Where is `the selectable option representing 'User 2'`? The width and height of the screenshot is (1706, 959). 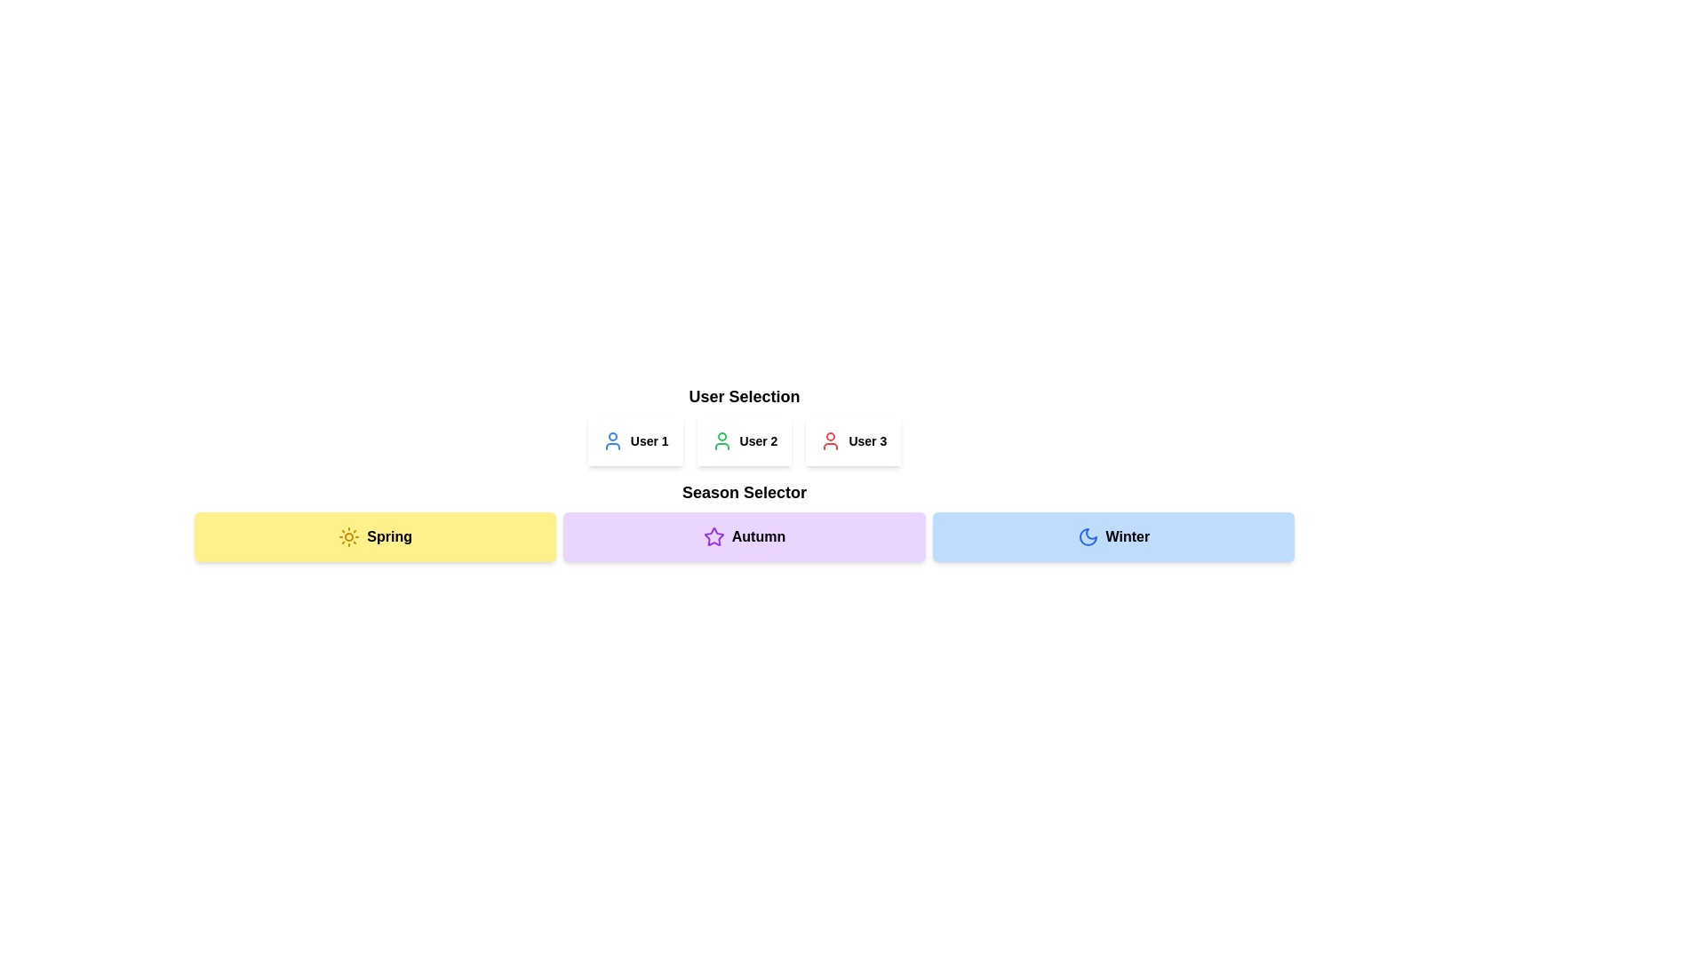
the selectable option representing 'User 2' is located at coordinates (745, 440).